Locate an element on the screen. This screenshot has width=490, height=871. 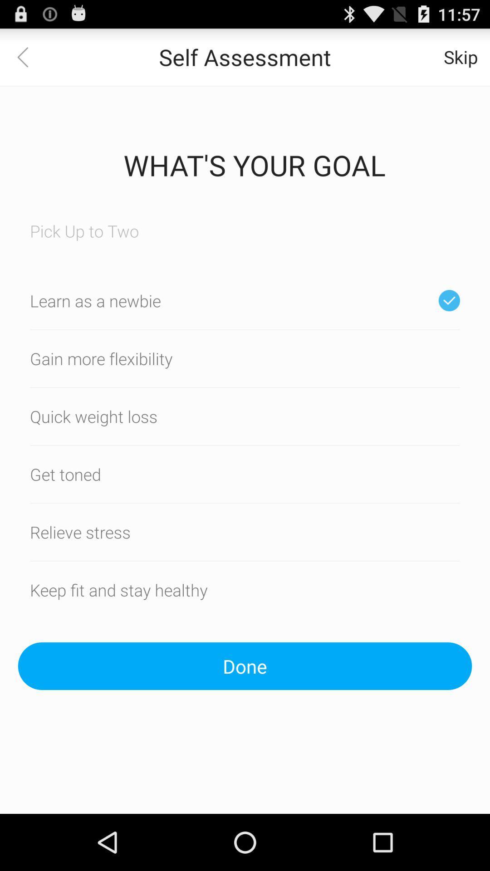
done is located at coordinates (245, 666).